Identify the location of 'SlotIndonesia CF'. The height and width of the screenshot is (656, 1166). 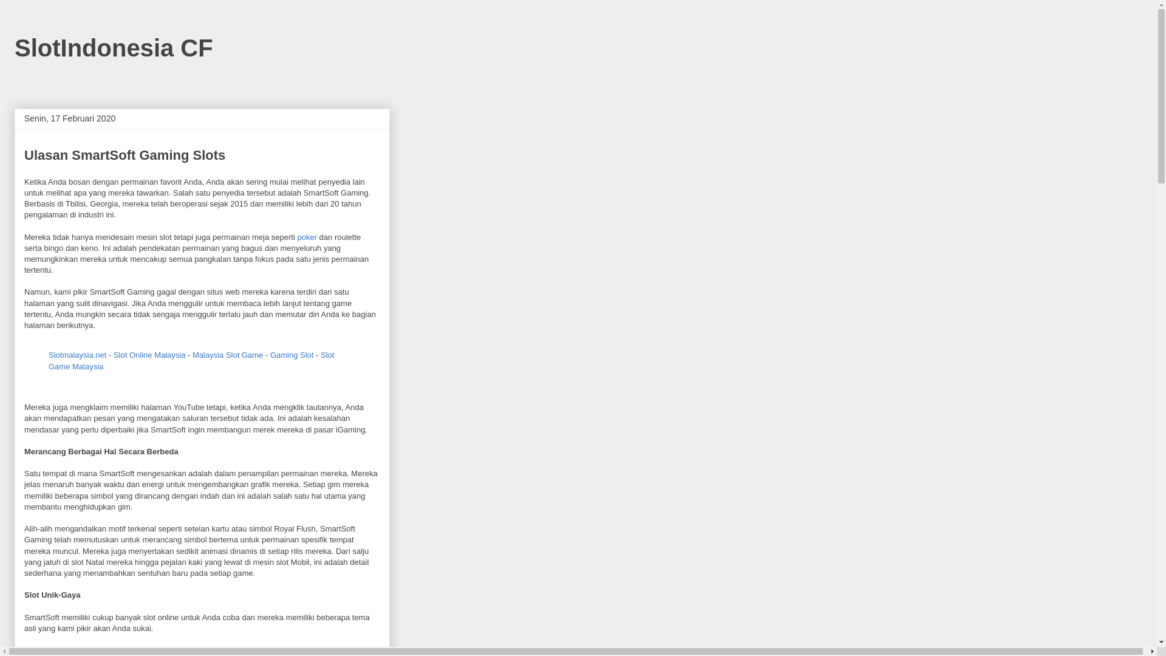
(114, 47).